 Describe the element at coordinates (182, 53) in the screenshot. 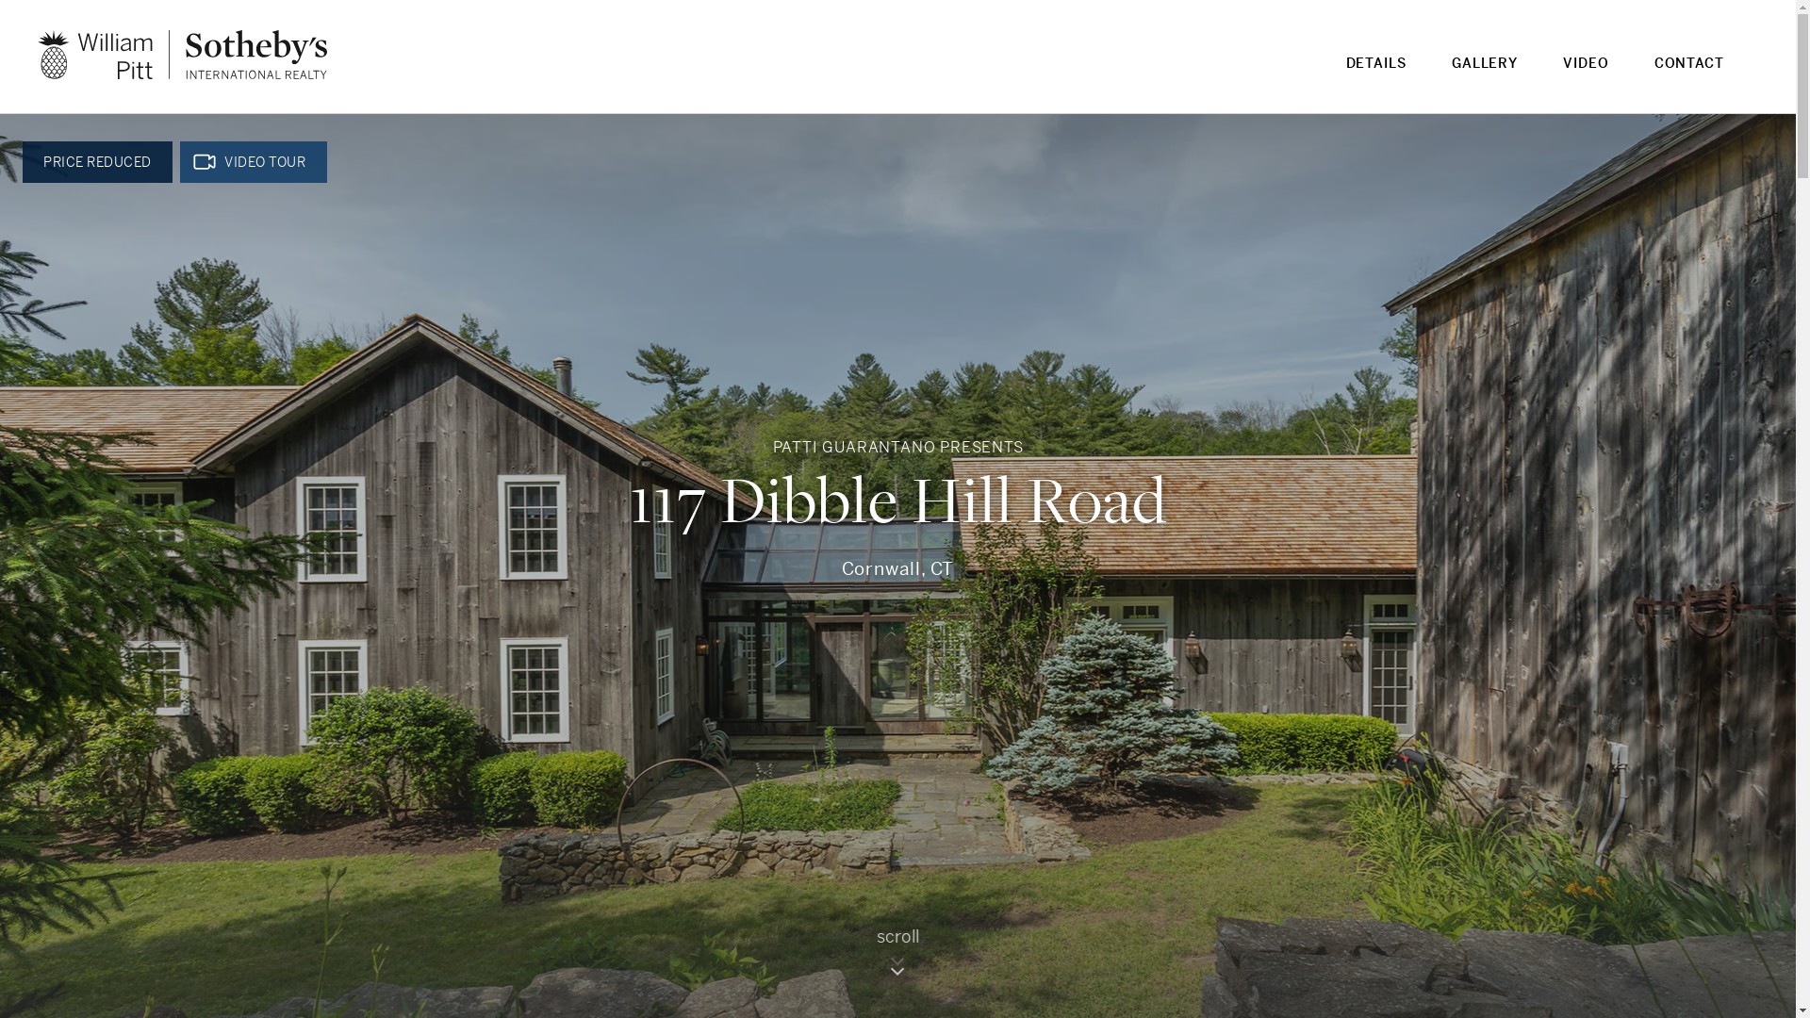

I see `'William Pitt SIR'` at that location.